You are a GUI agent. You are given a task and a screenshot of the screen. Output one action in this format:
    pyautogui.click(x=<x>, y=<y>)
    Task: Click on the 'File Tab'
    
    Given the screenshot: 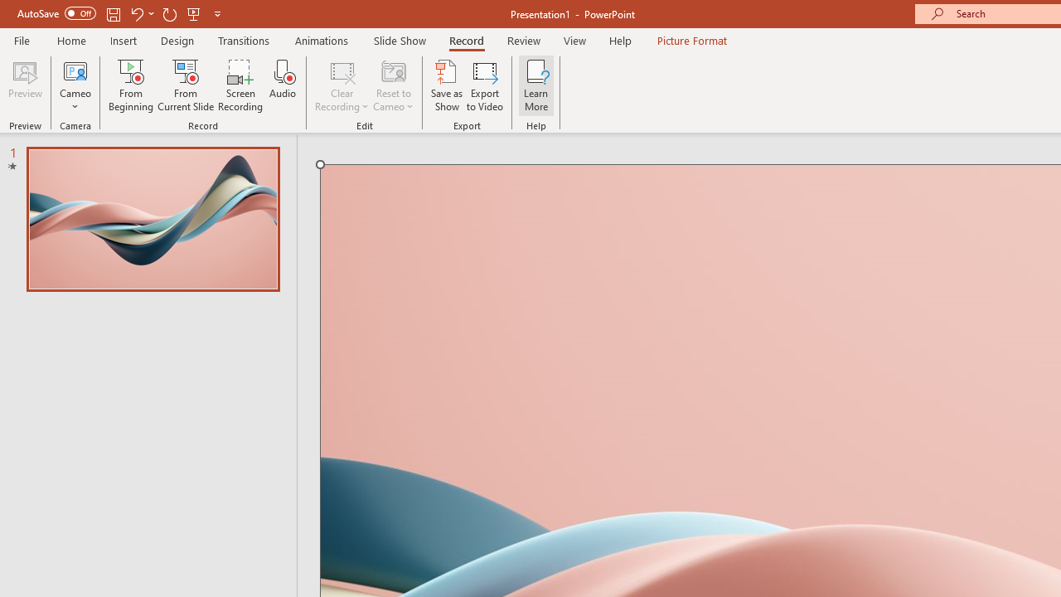 What is the action you would take?
    pyautogui.click(x=22, y=39)
    